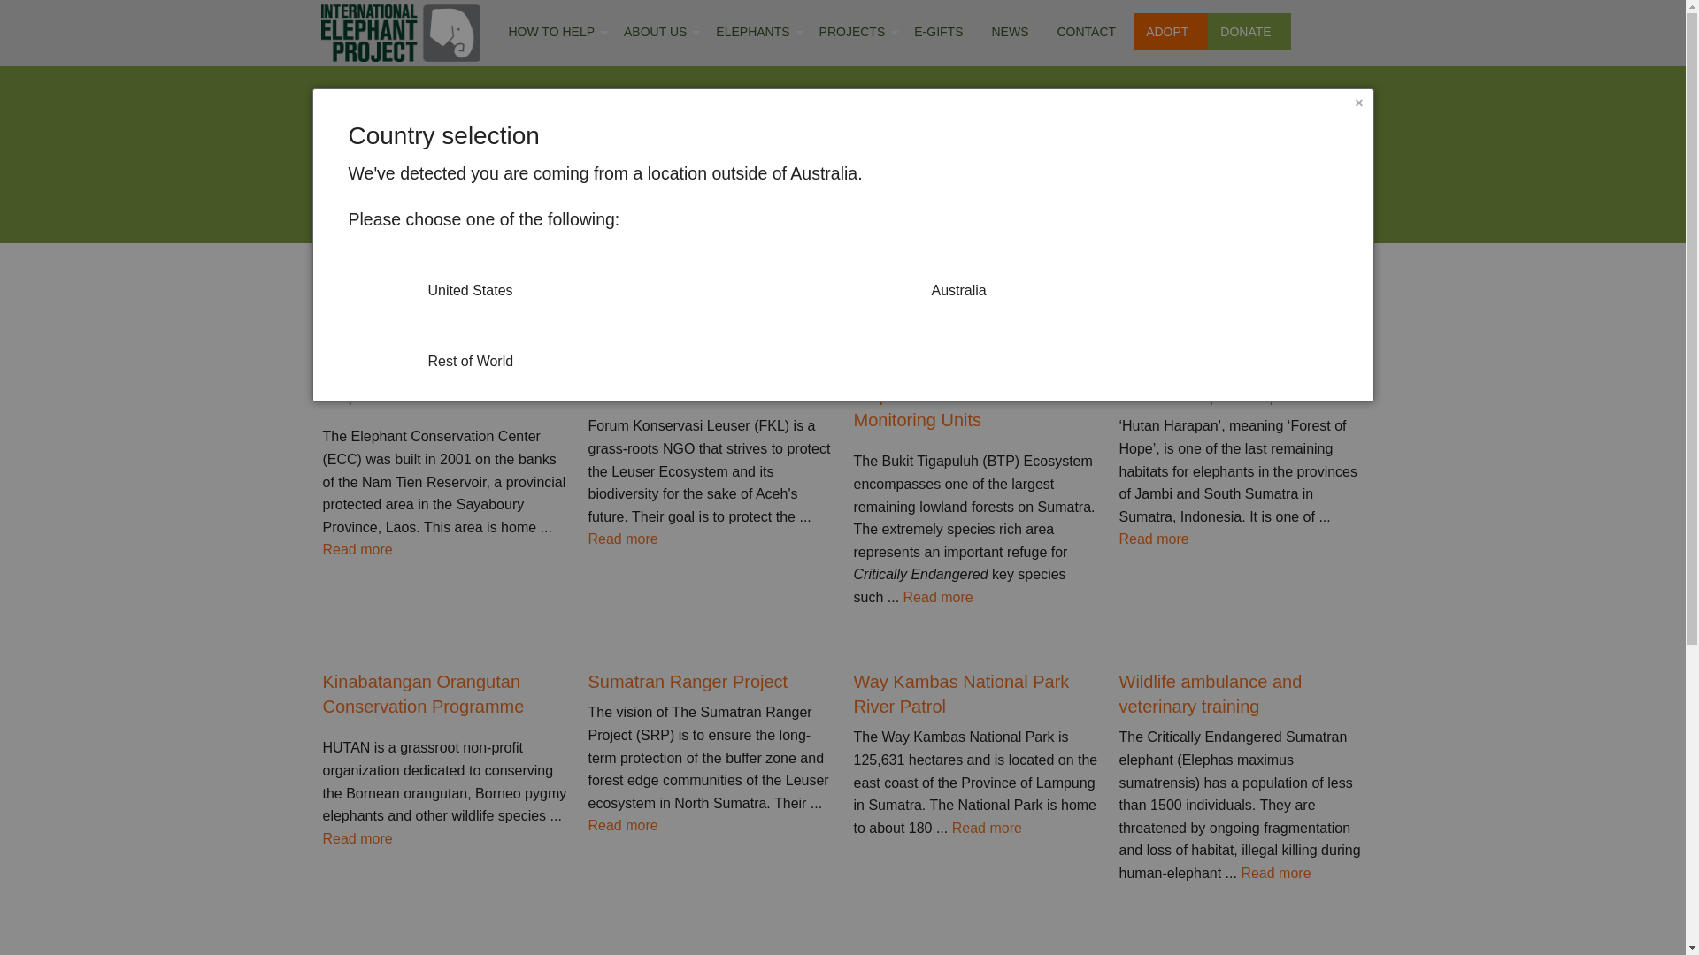  What do you see at coordinates (756, 31) in the screenshot?
I see `'ELEPHANTS'` at bounding box center [756, 31].